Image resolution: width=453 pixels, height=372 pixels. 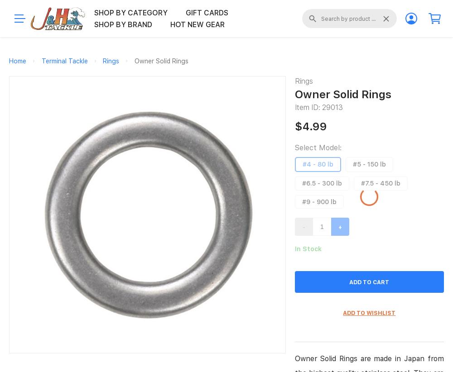 I want to click on '-', so click(x=304, y=226).